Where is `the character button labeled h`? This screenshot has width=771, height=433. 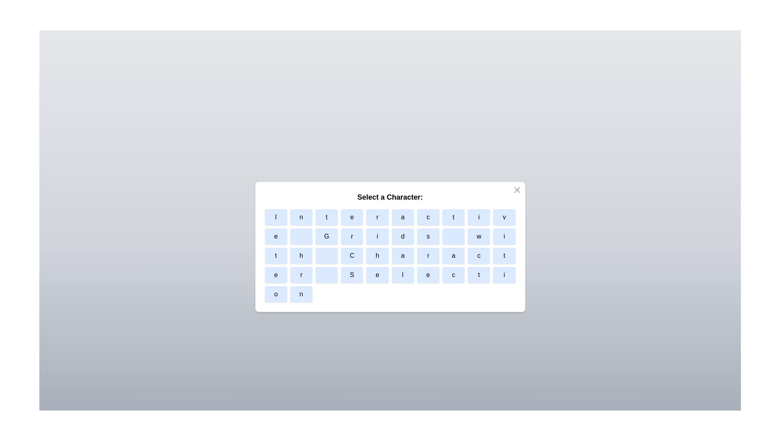 the character button labeled h is located at coordinates (377, 255).